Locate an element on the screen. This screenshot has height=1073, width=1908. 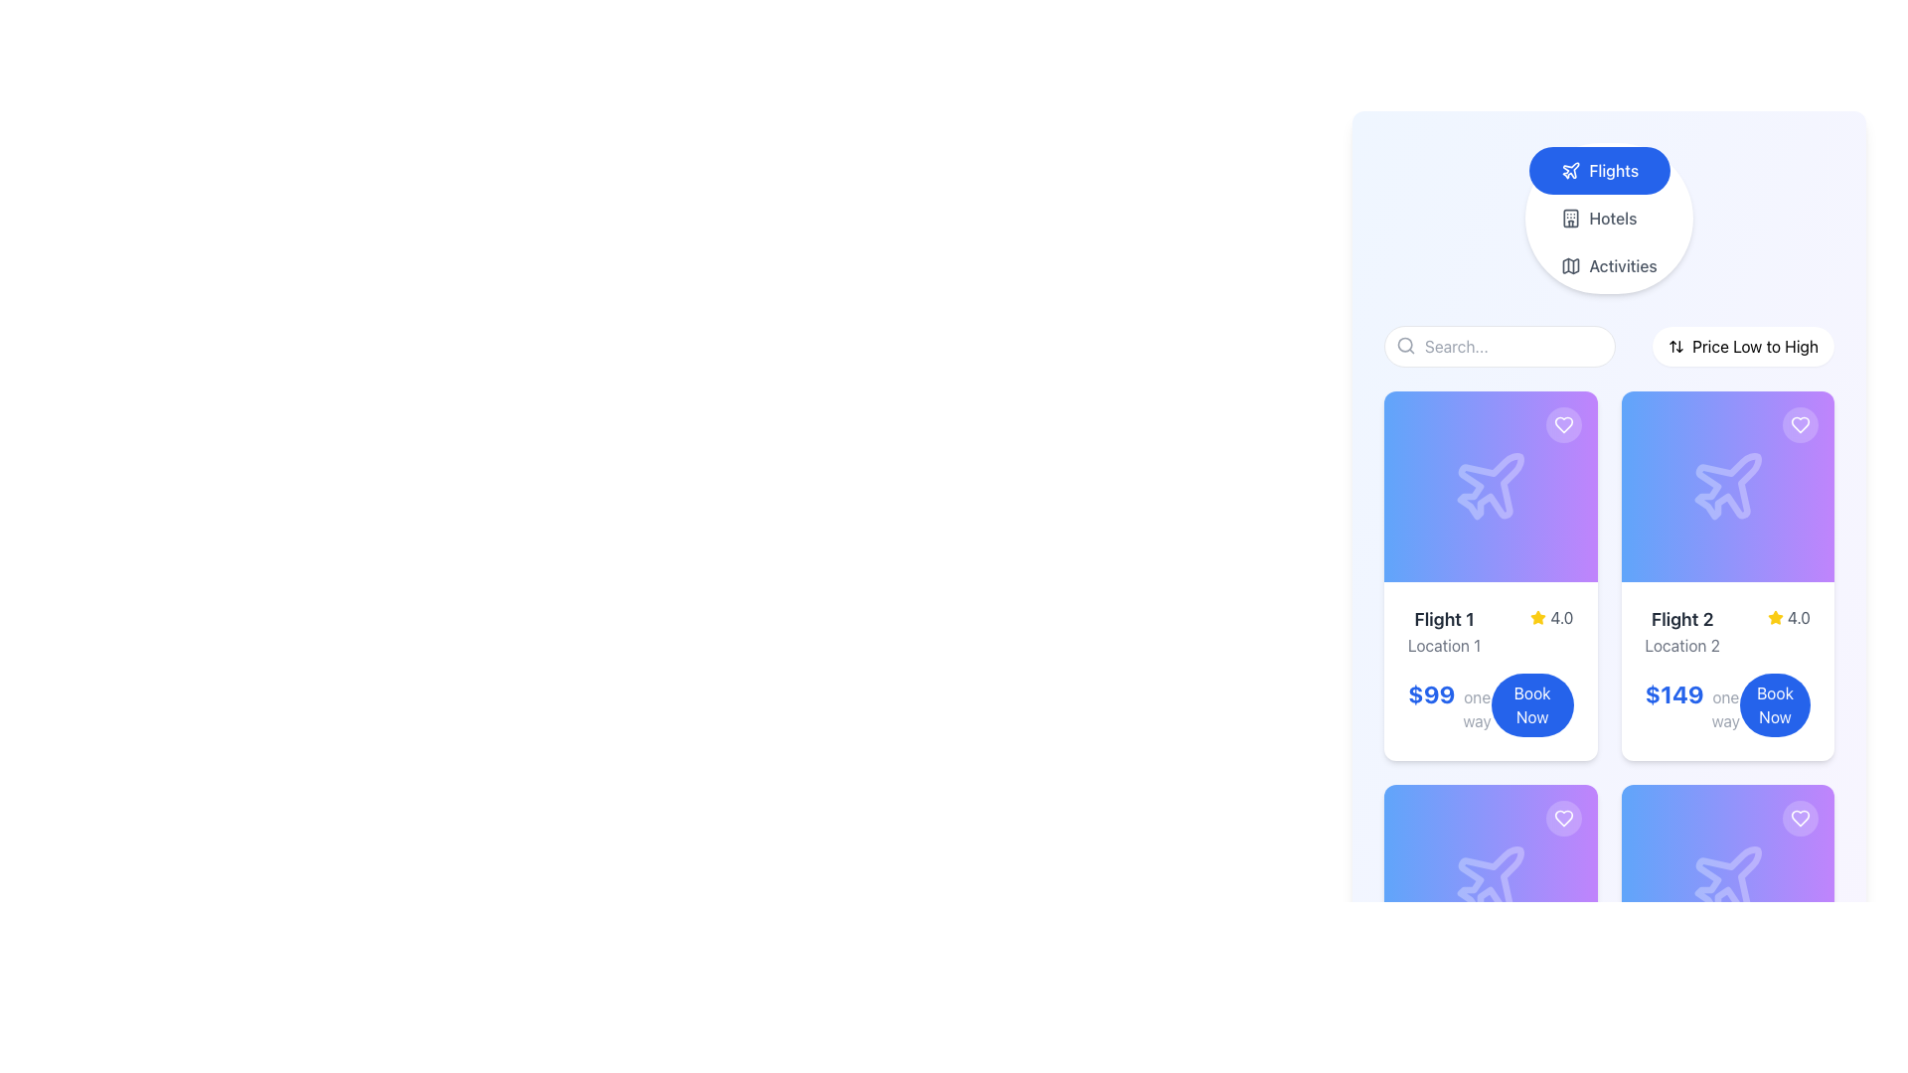
the text label that describes 'Flight 1' and its location 'Location 1', which is located in the leftmost card of the displayed grid, directly under the airplane icon and above the price '$99' is located at coordinates (1444, 632).